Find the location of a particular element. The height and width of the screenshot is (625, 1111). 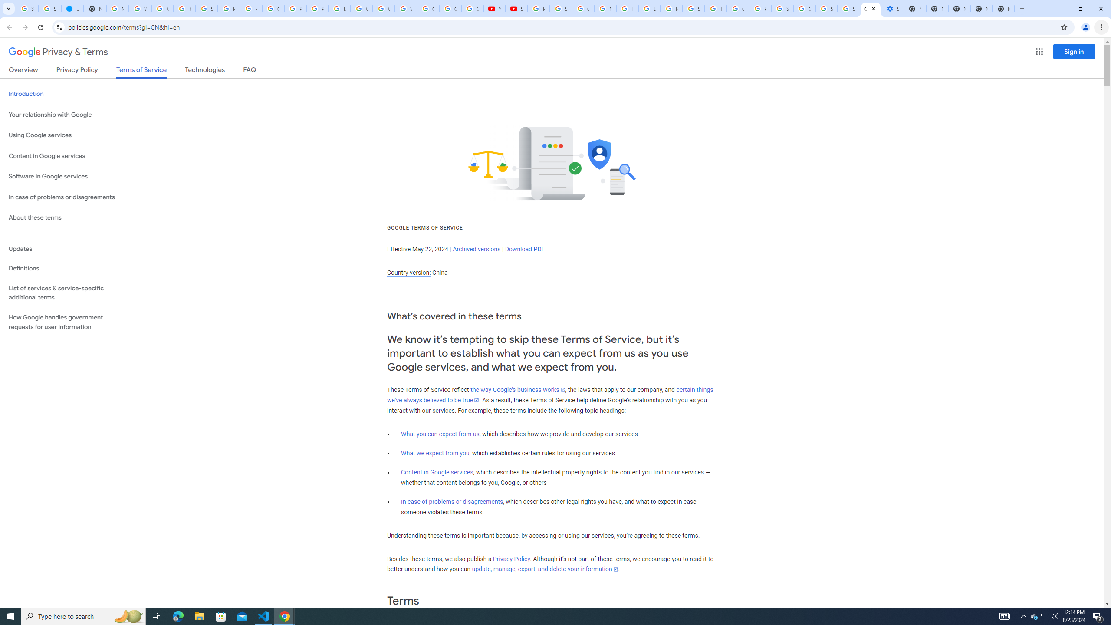

'Search our Doodle Library Collection - Google Doodles' is located at coordinates (693, 8).